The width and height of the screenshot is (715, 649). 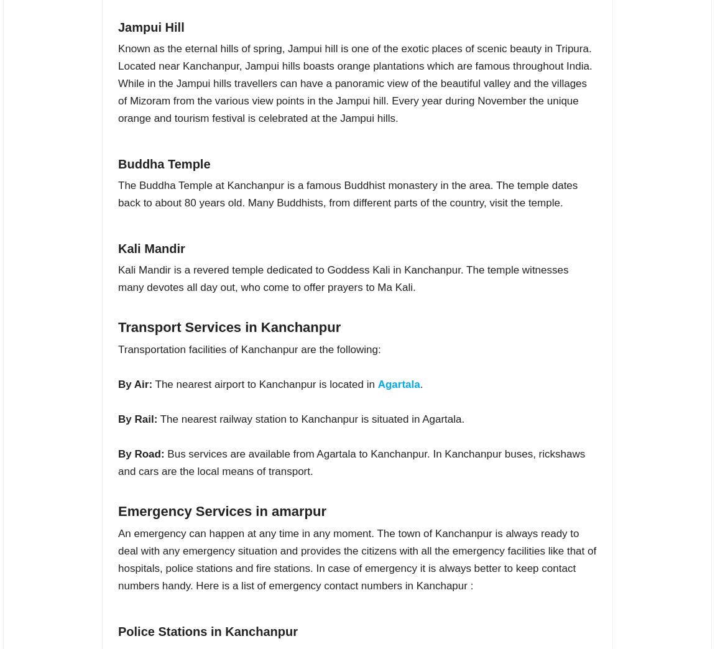 I want to click on 'Emergency Services in amarpur', so click(x=222, y=510).